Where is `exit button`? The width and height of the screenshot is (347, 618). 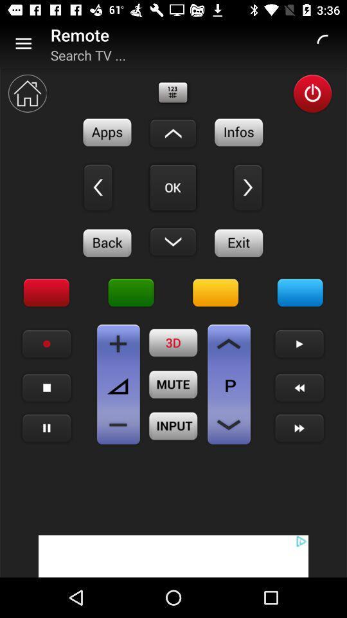
exit button is located at coordinates (239, 242).